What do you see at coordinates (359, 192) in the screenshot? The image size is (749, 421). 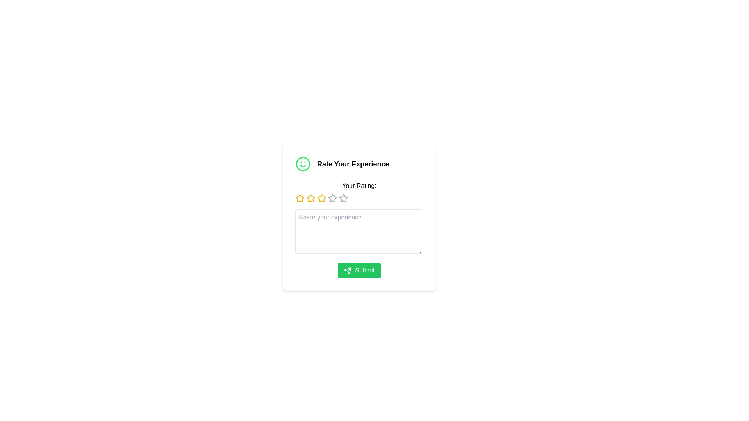 I see `the text label or header that provides context for the rating stars, located directly below 'Rate Your Experience'` at bounding box center [359, 192].